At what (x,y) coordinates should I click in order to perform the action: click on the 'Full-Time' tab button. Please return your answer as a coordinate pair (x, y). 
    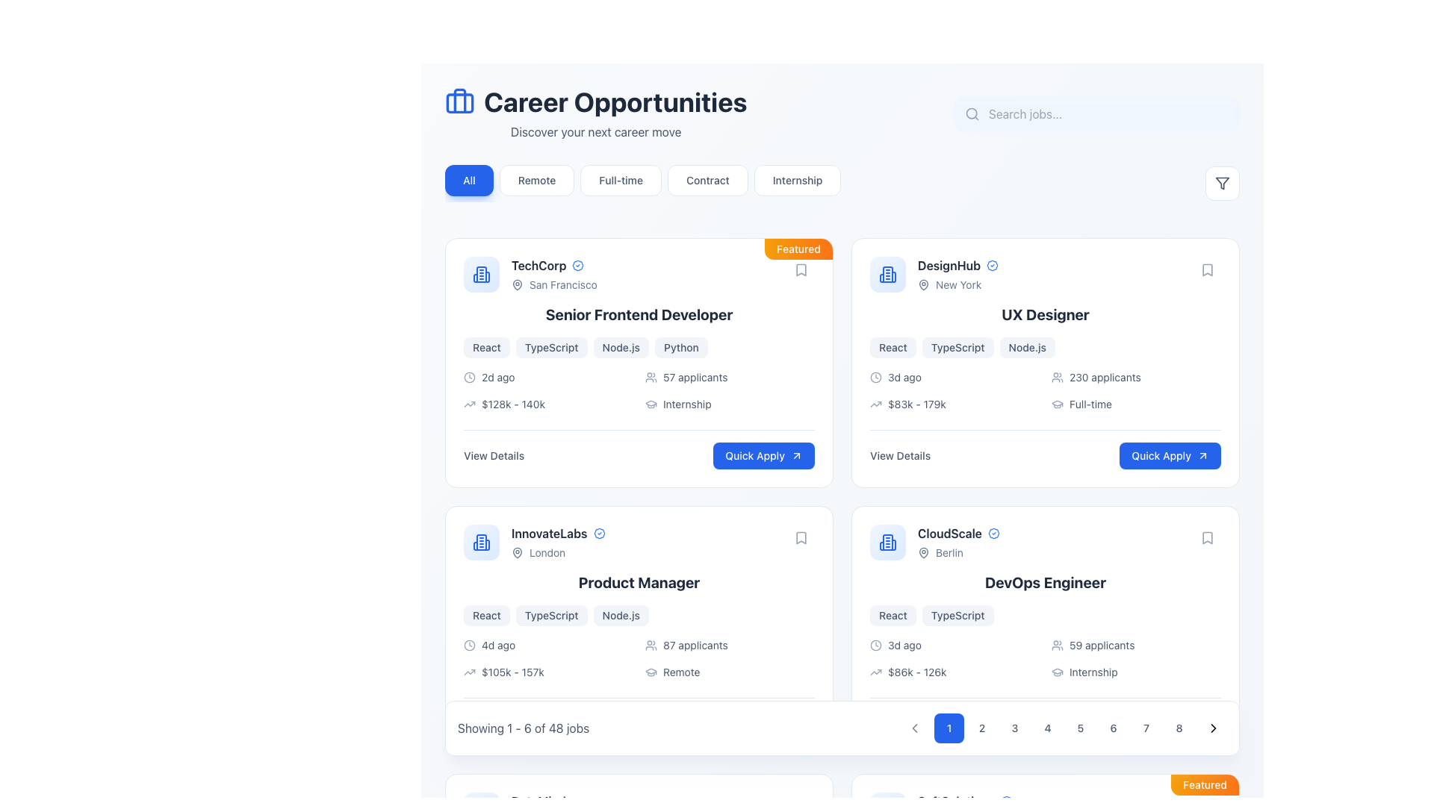
    Looking at the image, I should click on (643, 183).